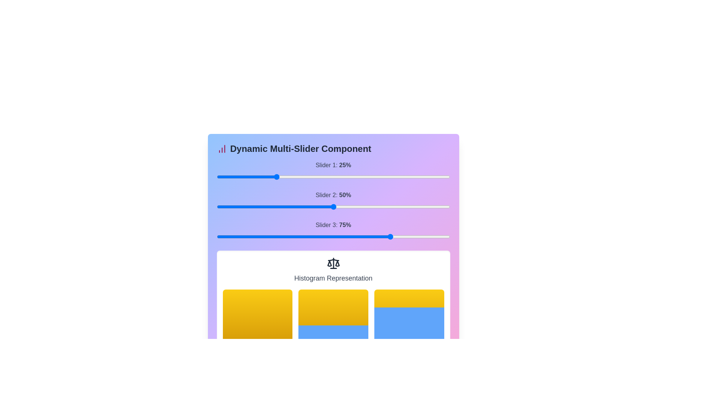 The width and height of the screenshot is (718, 404). What do you see at coordinates (439, 177) in the screenshot?
I see `the slider 1 to 91% to observe histogram changes` at bounding box center [439, 177].